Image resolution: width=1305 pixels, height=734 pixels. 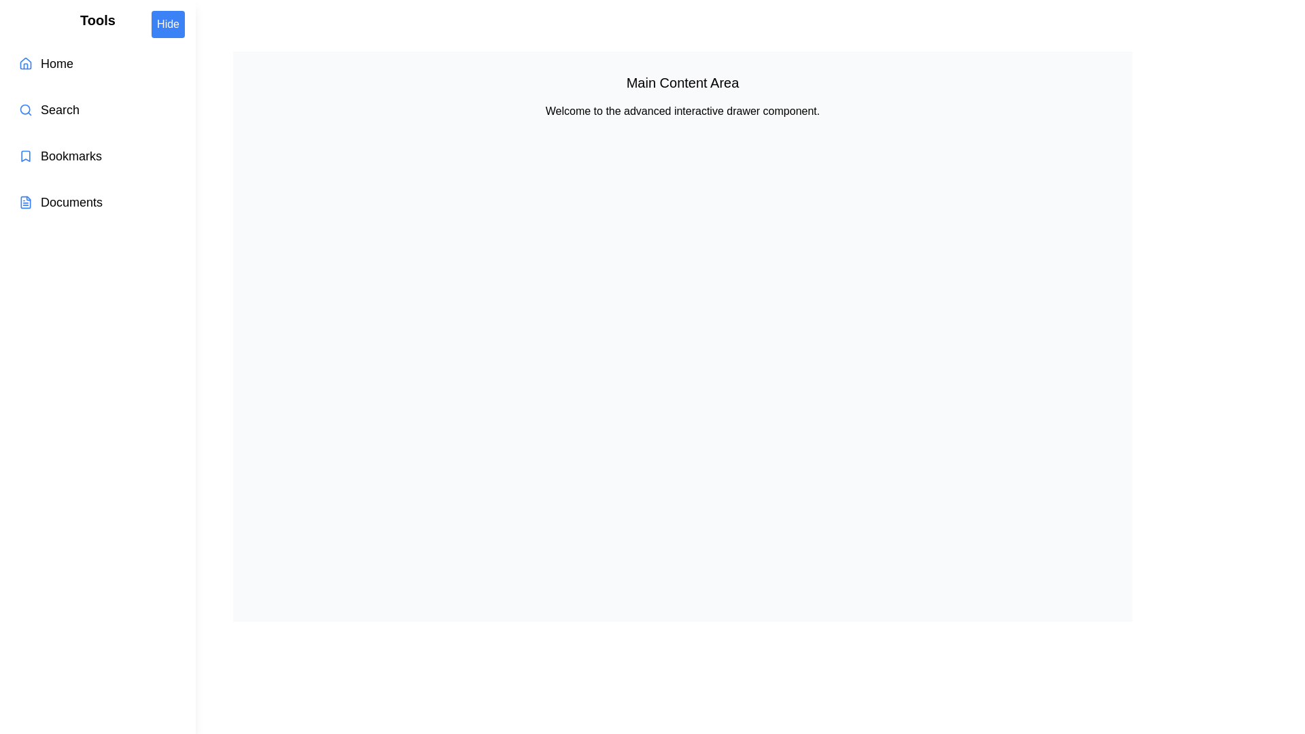 I want to click on the menu item Documents from the drawer, so click(x=97, y=202).